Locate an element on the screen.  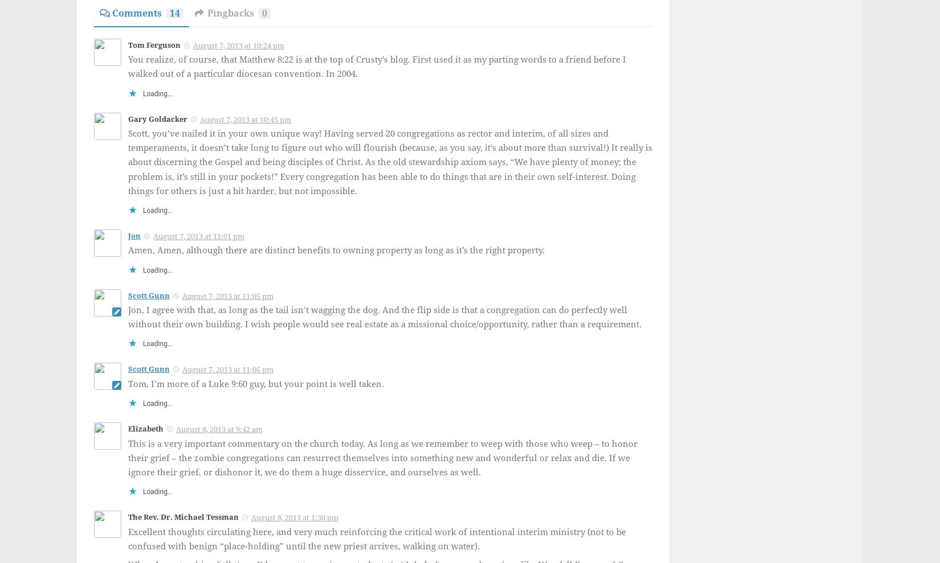
'14' is located at coordinates (175, 12).